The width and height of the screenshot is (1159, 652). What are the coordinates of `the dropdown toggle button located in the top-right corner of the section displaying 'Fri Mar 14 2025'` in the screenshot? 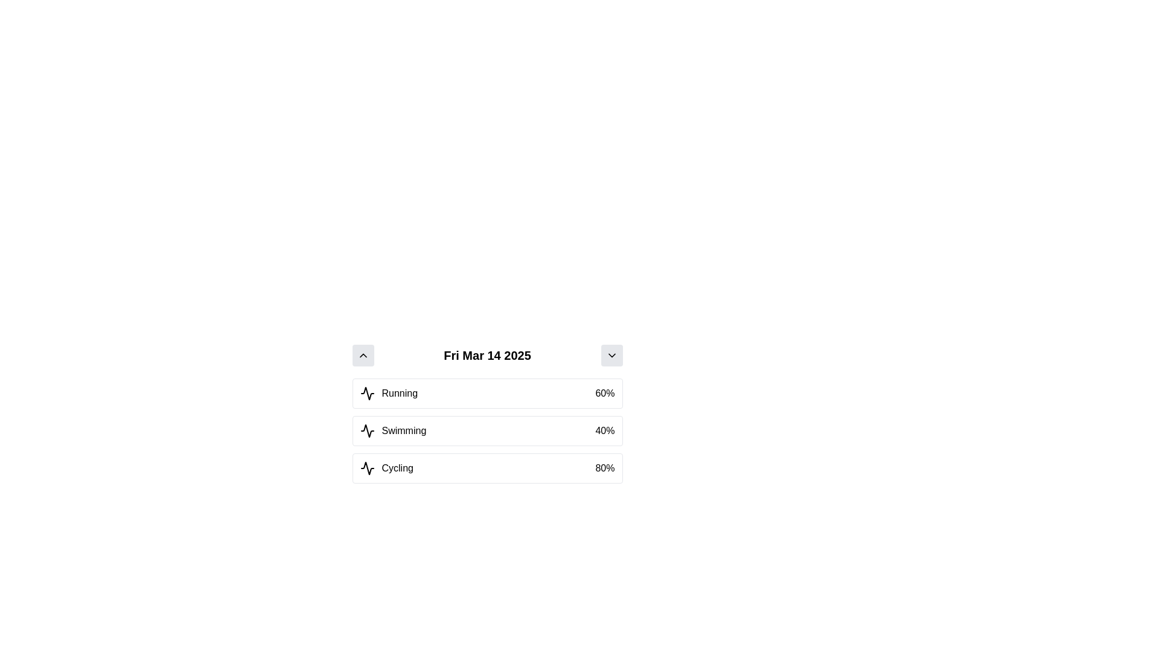 It's located at (611, 355).